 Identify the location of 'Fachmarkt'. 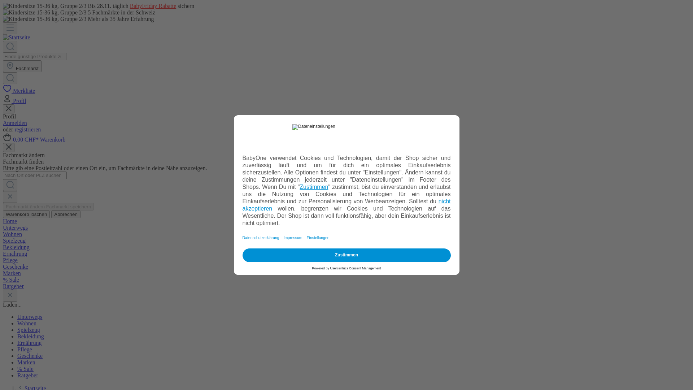
(22, 66).